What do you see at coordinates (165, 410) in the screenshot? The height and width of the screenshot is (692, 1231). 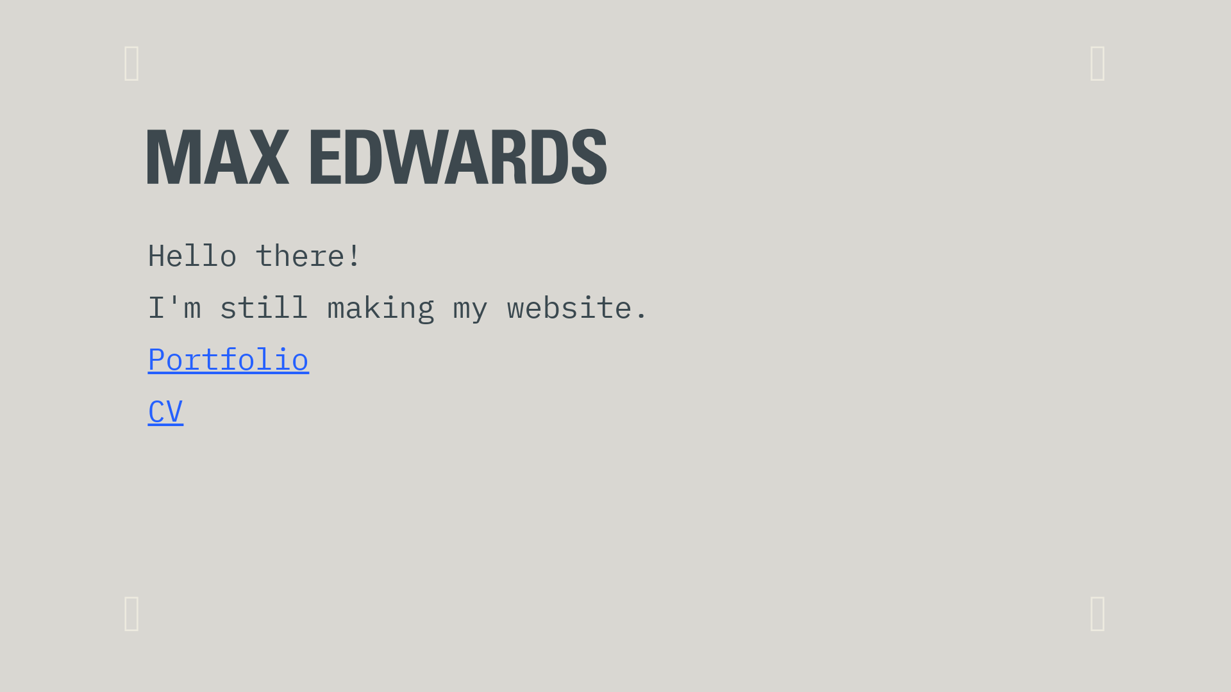 I see `'CV'` at bounding box center [165, 410].